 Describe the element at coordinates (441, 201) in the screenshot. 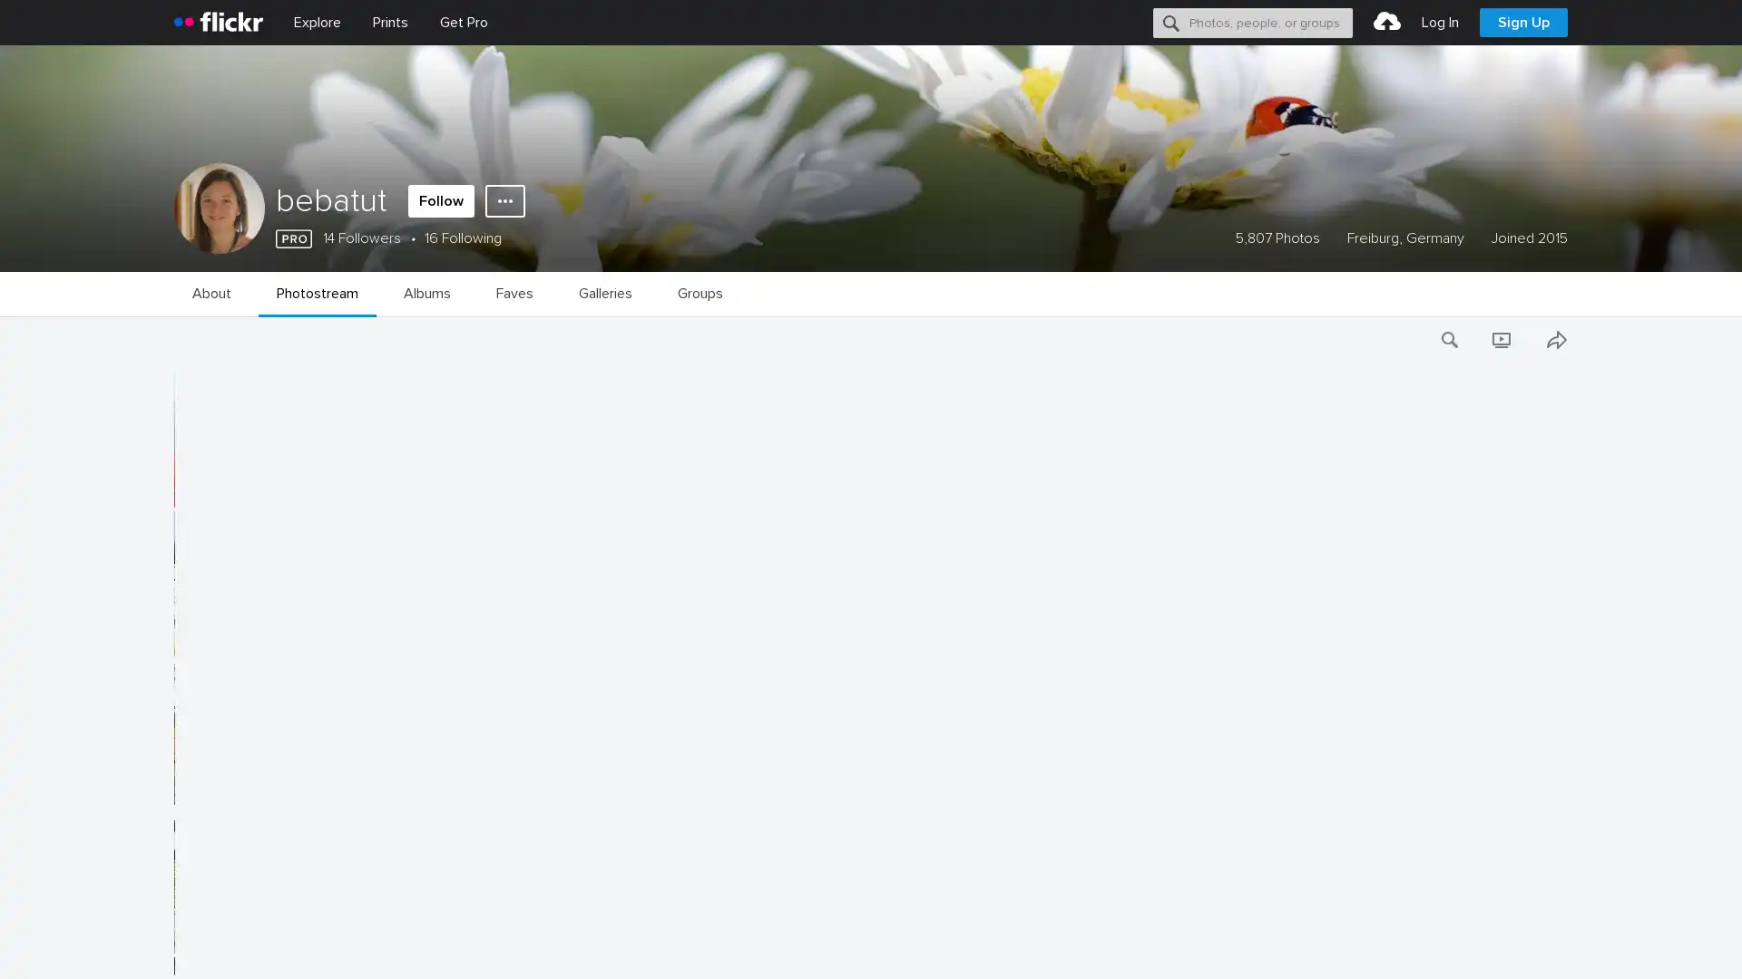

I see `Follow` at that location.